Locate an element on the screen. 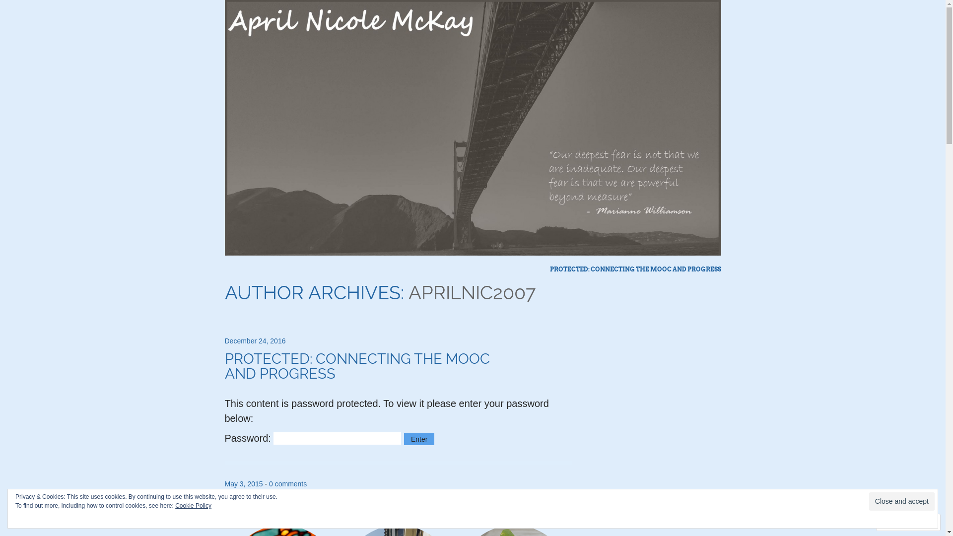  'Close and accept' is located at coordinates (869, 501).